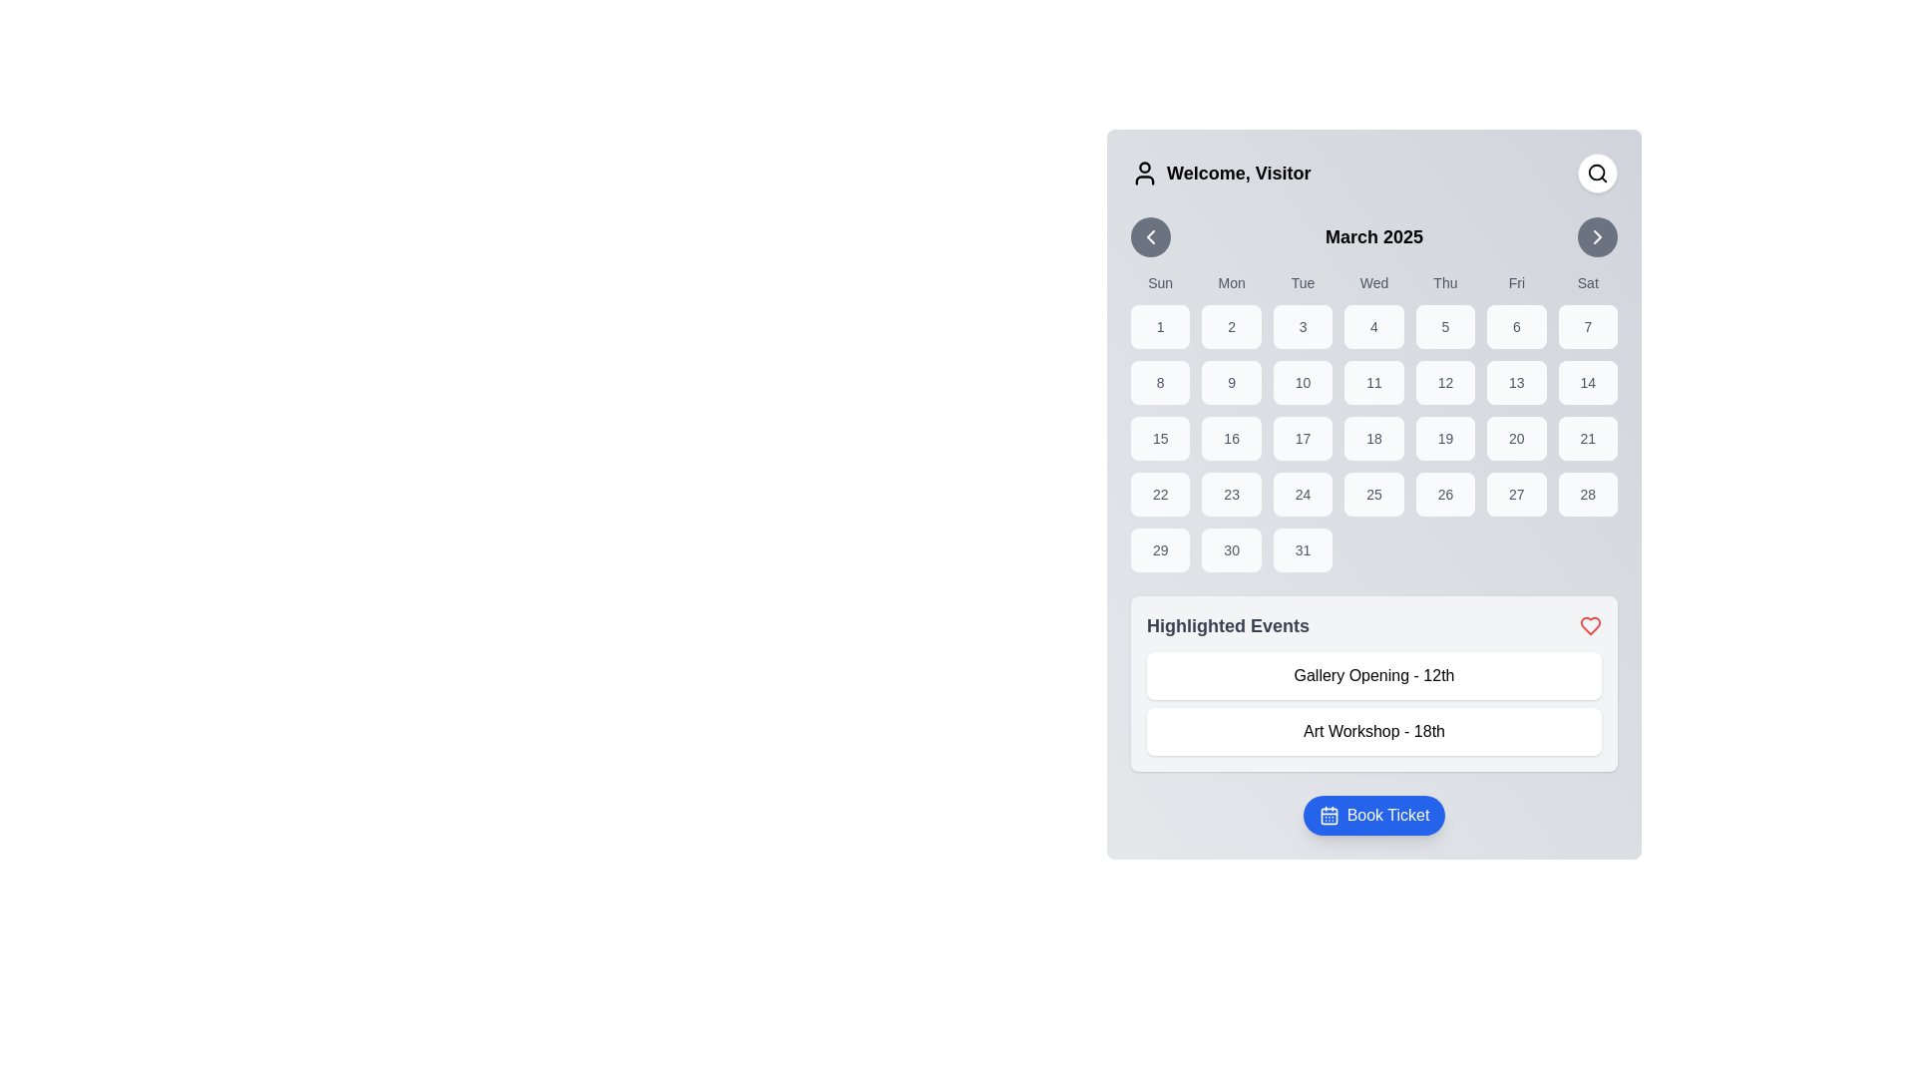 This screenshot has width=1915, height=1077. What do you see at coordinates (1372, 325) in the screenshot?
I see `the calendar day cell for Wednesday, which has a light-gray background and displays the number '4' centered` at bounding box center [1372, 325].